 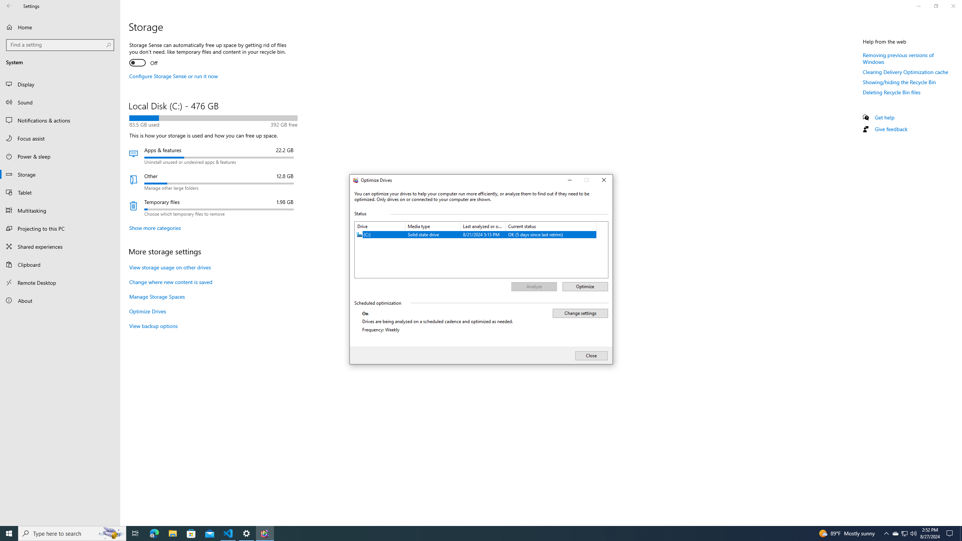 I want to click on 'Task View', so click(x=135, y=533).